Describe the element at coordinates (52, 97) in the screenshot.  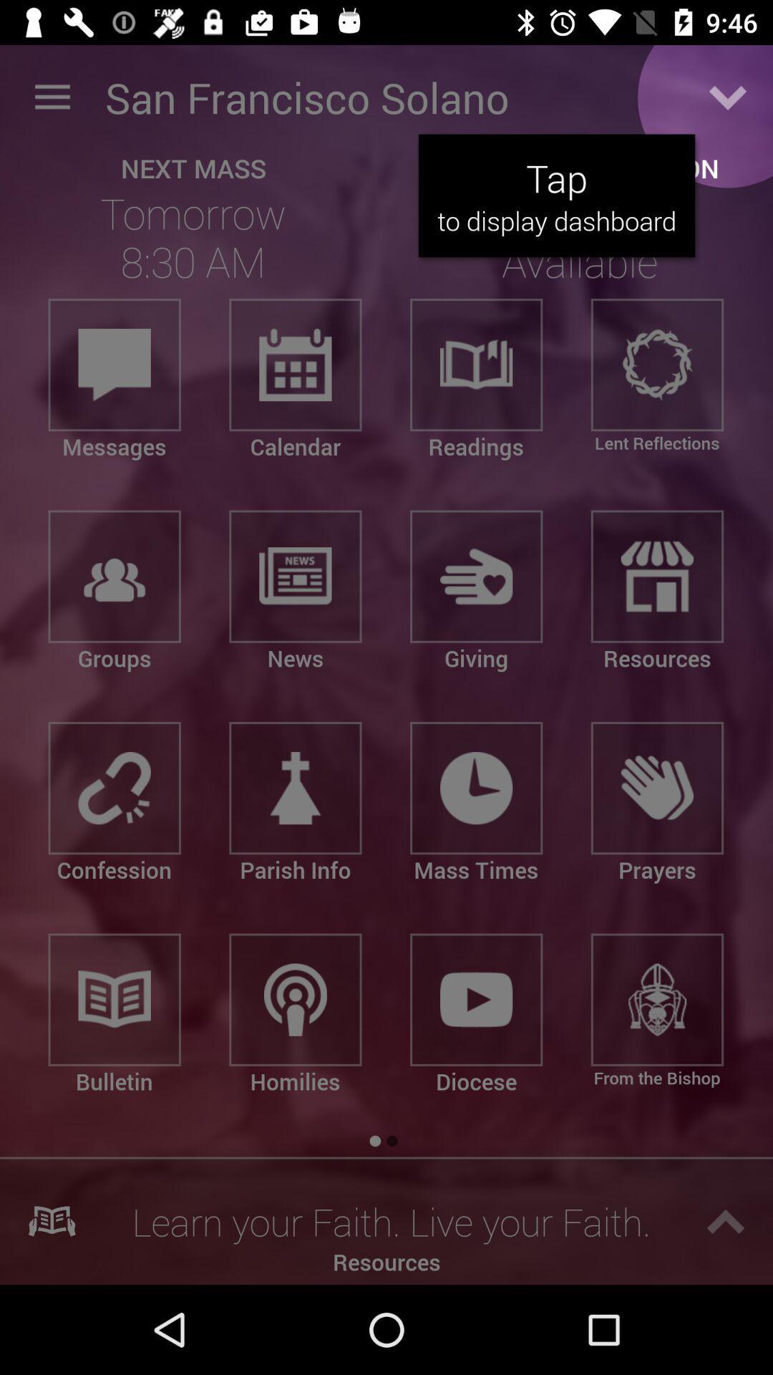
I see `the icon to the left of san francisco solano icon` at that location.